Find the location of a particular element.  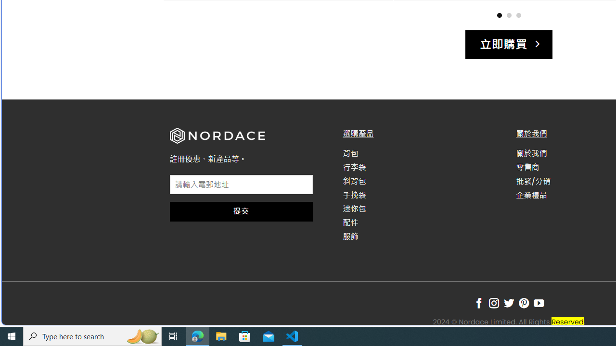

'Page dot 3' is located at coordinates (518, 15).